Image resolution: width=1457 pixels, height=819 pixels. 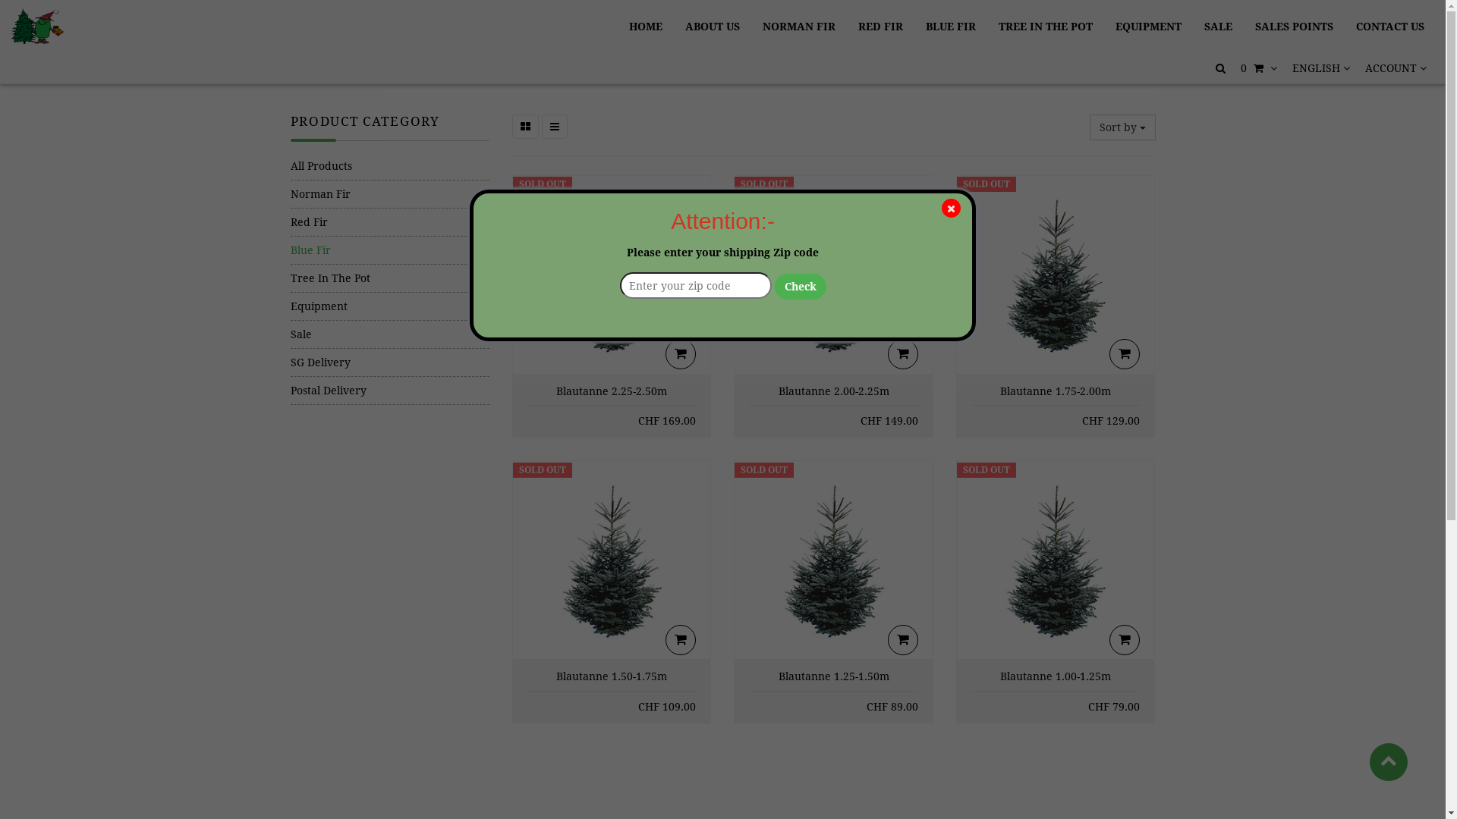 What do you see at coordinates (1148, 26) in the screenshot?
I see `'EQUIPMENT'` at bounding box center [1148, 26].